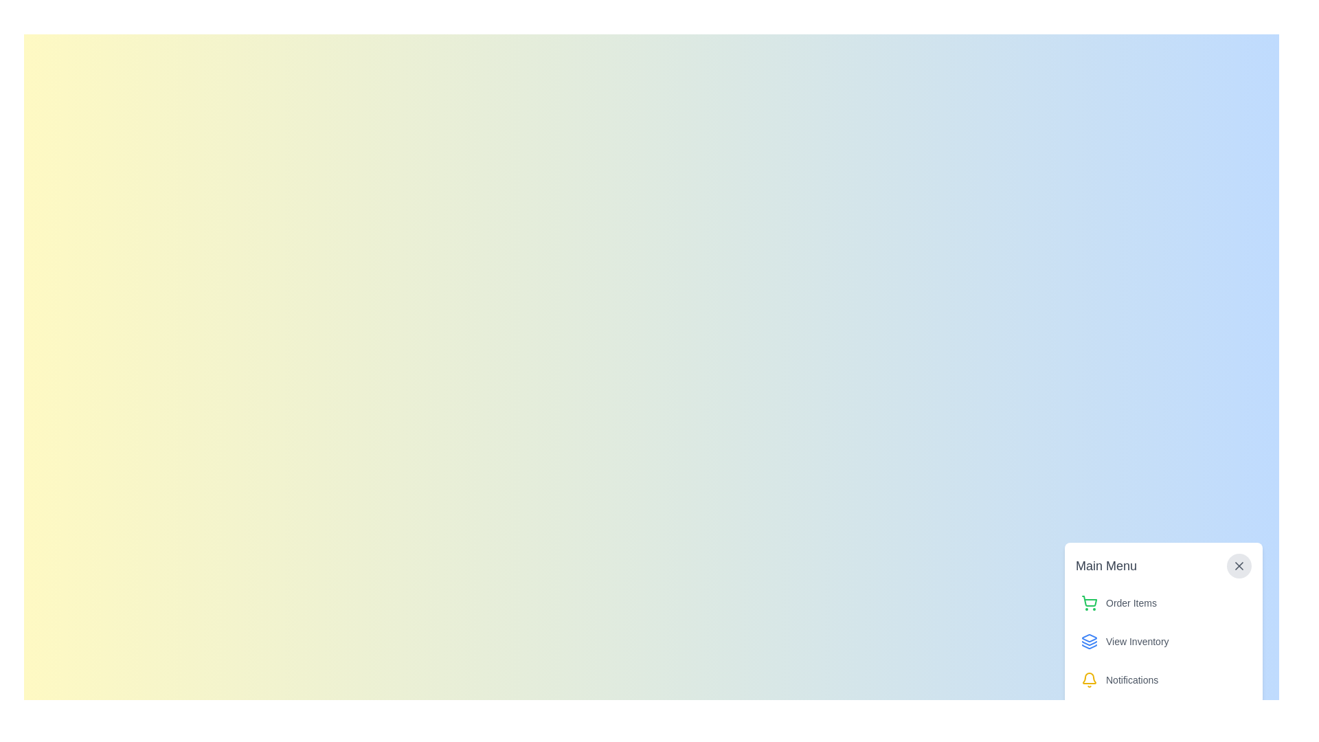  What do you see at coordinates (1163, 623) in the screenshot?
I see `the second menu item in the modal that allows access to the inventory view` at bounding box center [1163, 623].